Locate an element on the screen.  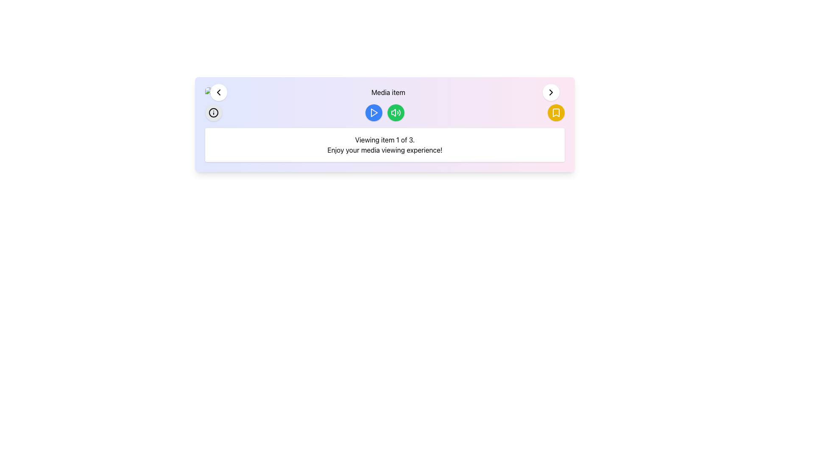
the left-pointing chevron arrow icon button for navigation to go back is located at coordinates (218, 92).